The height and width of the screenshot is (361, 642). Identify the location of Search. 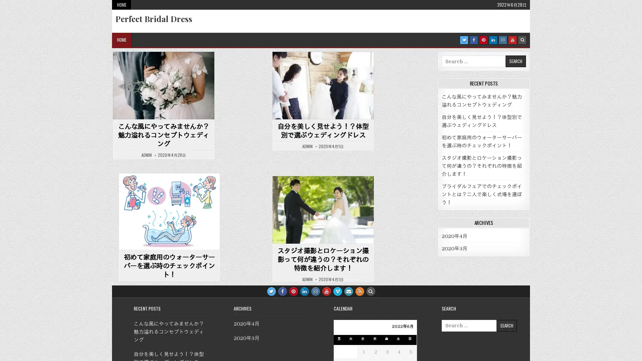
(515, 61).